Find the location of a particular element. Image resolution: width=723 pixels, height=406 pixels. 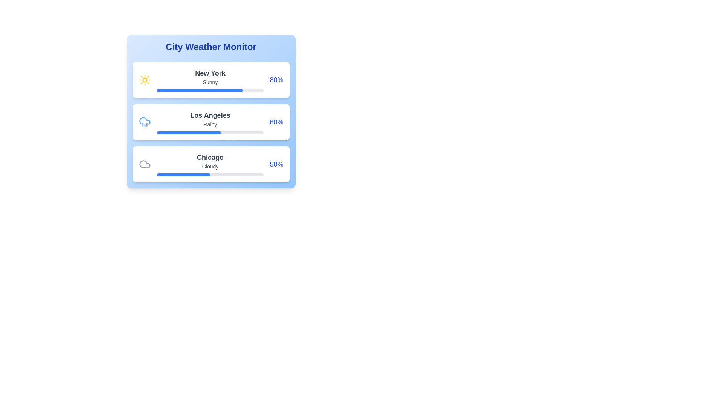

the centrally aligned Information panel that summarizes weather status for multiple cities, displaying city names and weather conditions is located at coordinates (211, 112).